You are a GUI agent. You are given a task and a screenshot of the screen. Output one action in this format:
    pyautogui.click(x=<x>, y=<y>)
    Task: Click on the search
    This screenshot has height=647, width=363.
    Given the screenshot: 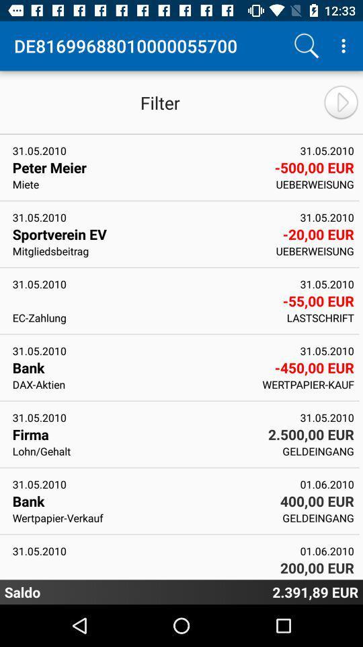 What is the action you would take?
    pyautogui.click(x=306, y=46)
    